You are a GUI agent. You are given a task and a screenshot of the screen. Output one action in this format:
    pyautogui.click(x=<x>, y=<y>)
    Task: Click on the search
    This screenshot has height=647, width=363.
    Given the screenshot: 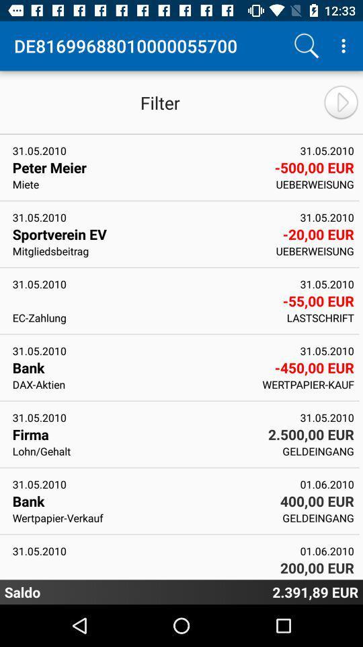 What is the action you would take?
    pyautogui.click(x=306, y=46)
    